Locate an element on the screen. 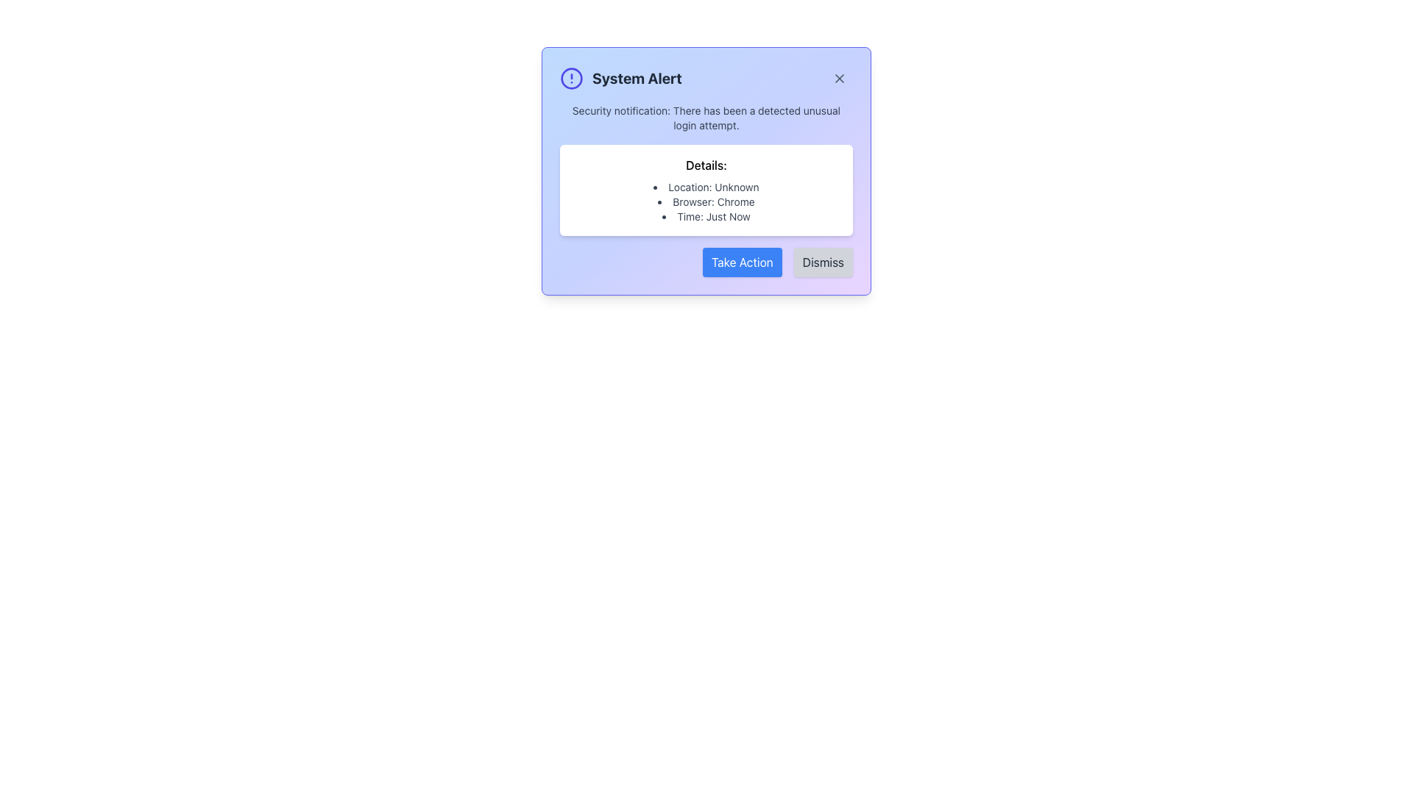 The height and width of the screenshot is (794, 1413). information displayed in the bulleted list format located in the modal under the 'Details:' header is located at coordinates (706, 201).